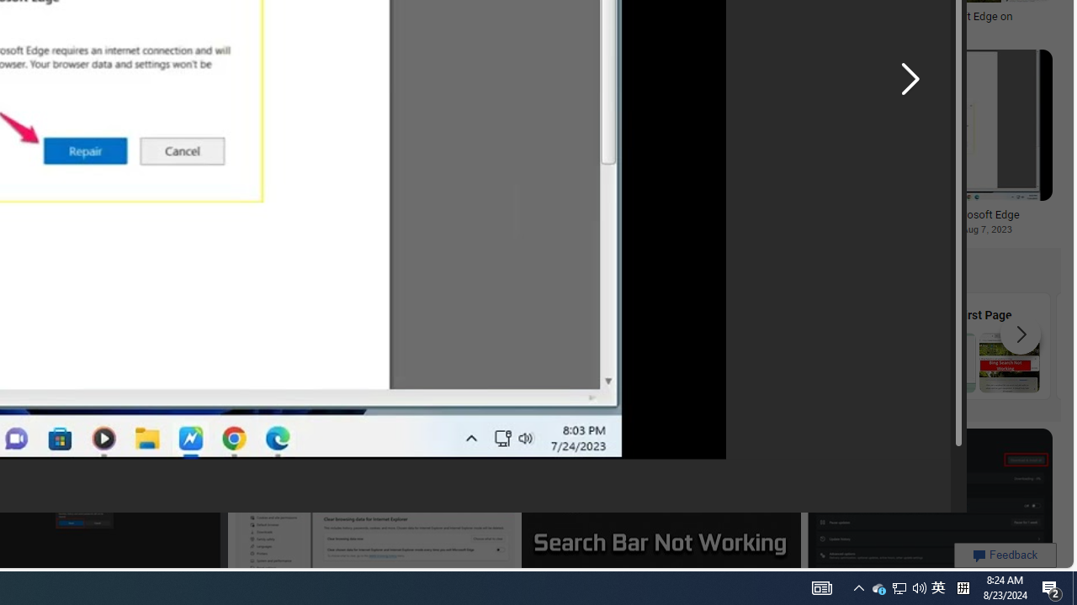 The image size is (1077, 605). Describe the element at coordinates (978, 345) in the screenshot. I see `'Why First Page of Bing Search Not Working Why First Page'` at that location.